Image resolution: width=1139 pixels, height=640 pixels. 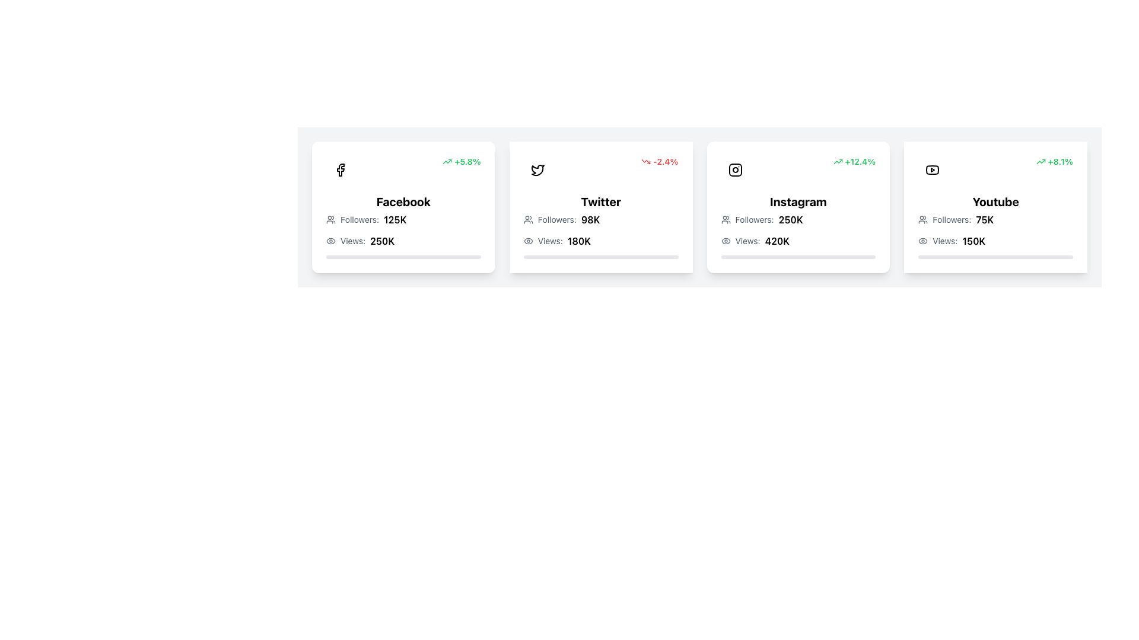 What do you see at coordinates (403, 257) in the screenshot?
I see `the horizontal progress bar located at the bottom of the Facebook statistics card, which has a light gray background and a blue filled portion indicating progress` at bounding box center [403, 257].